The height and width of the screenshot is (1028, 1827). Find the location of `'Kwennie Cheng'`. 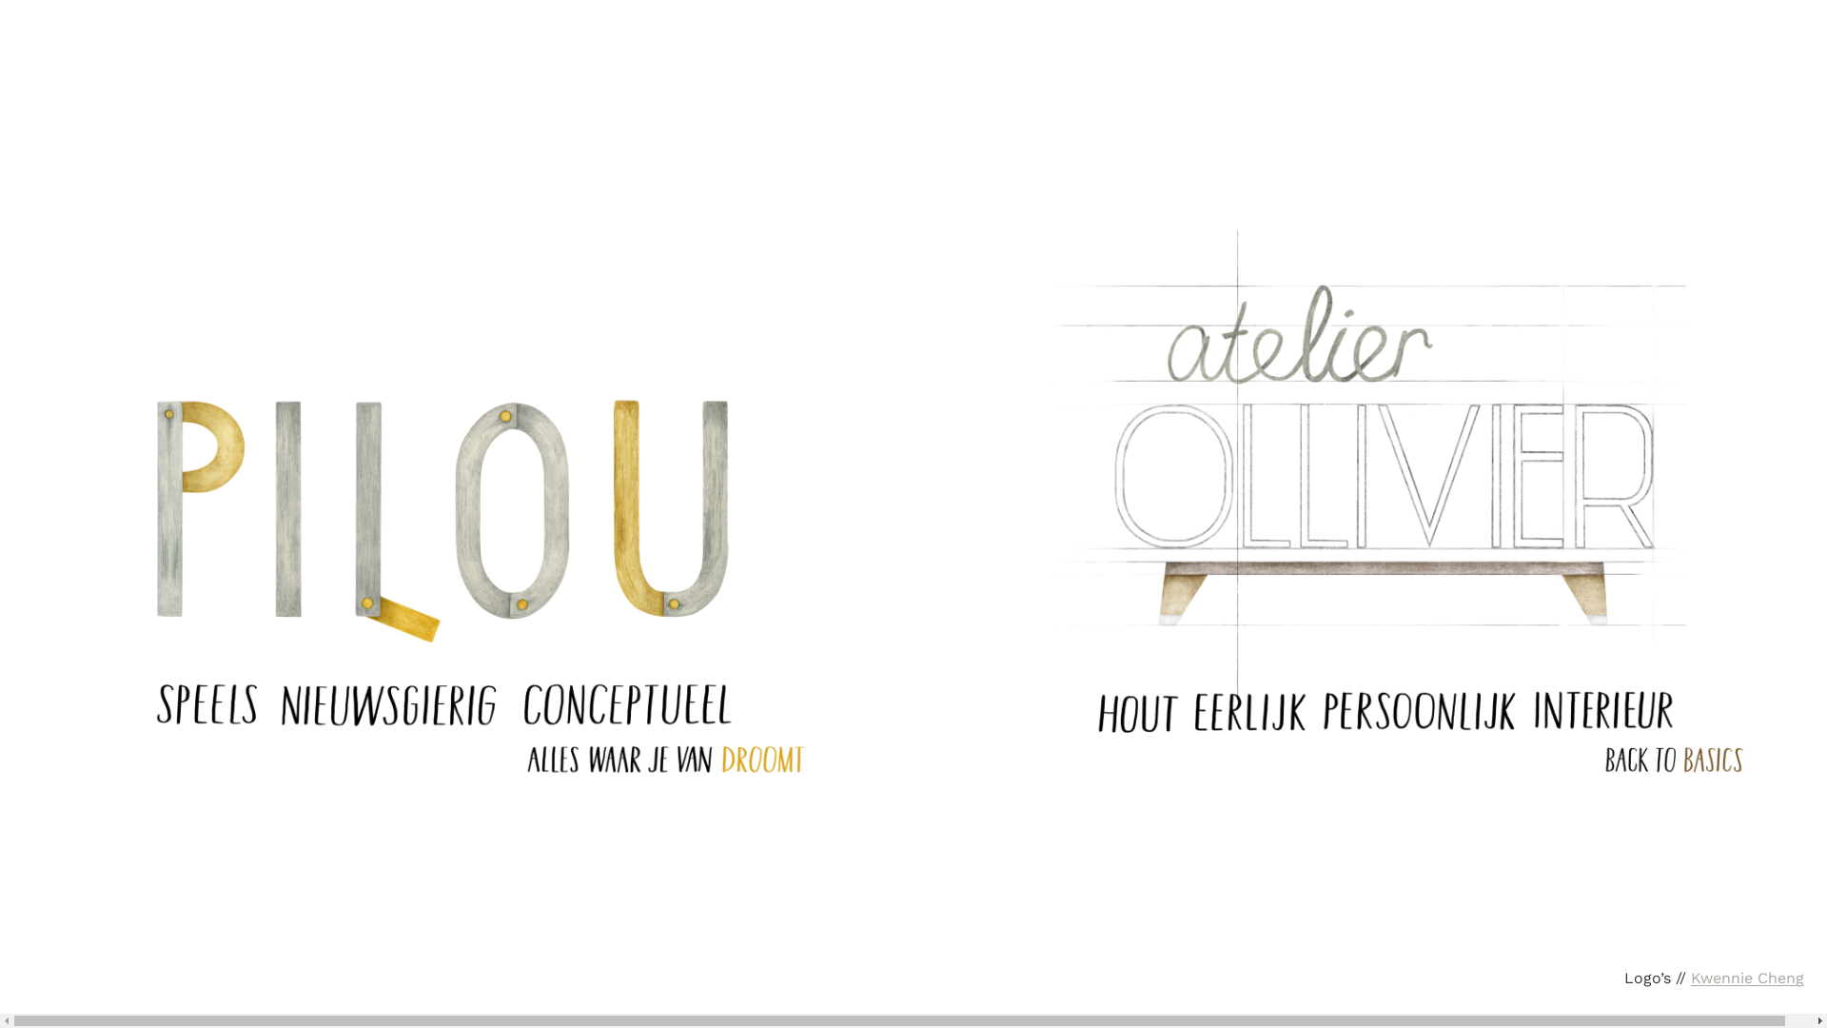

'Kwennie Cheng' is located at coordinates (1747, 978).